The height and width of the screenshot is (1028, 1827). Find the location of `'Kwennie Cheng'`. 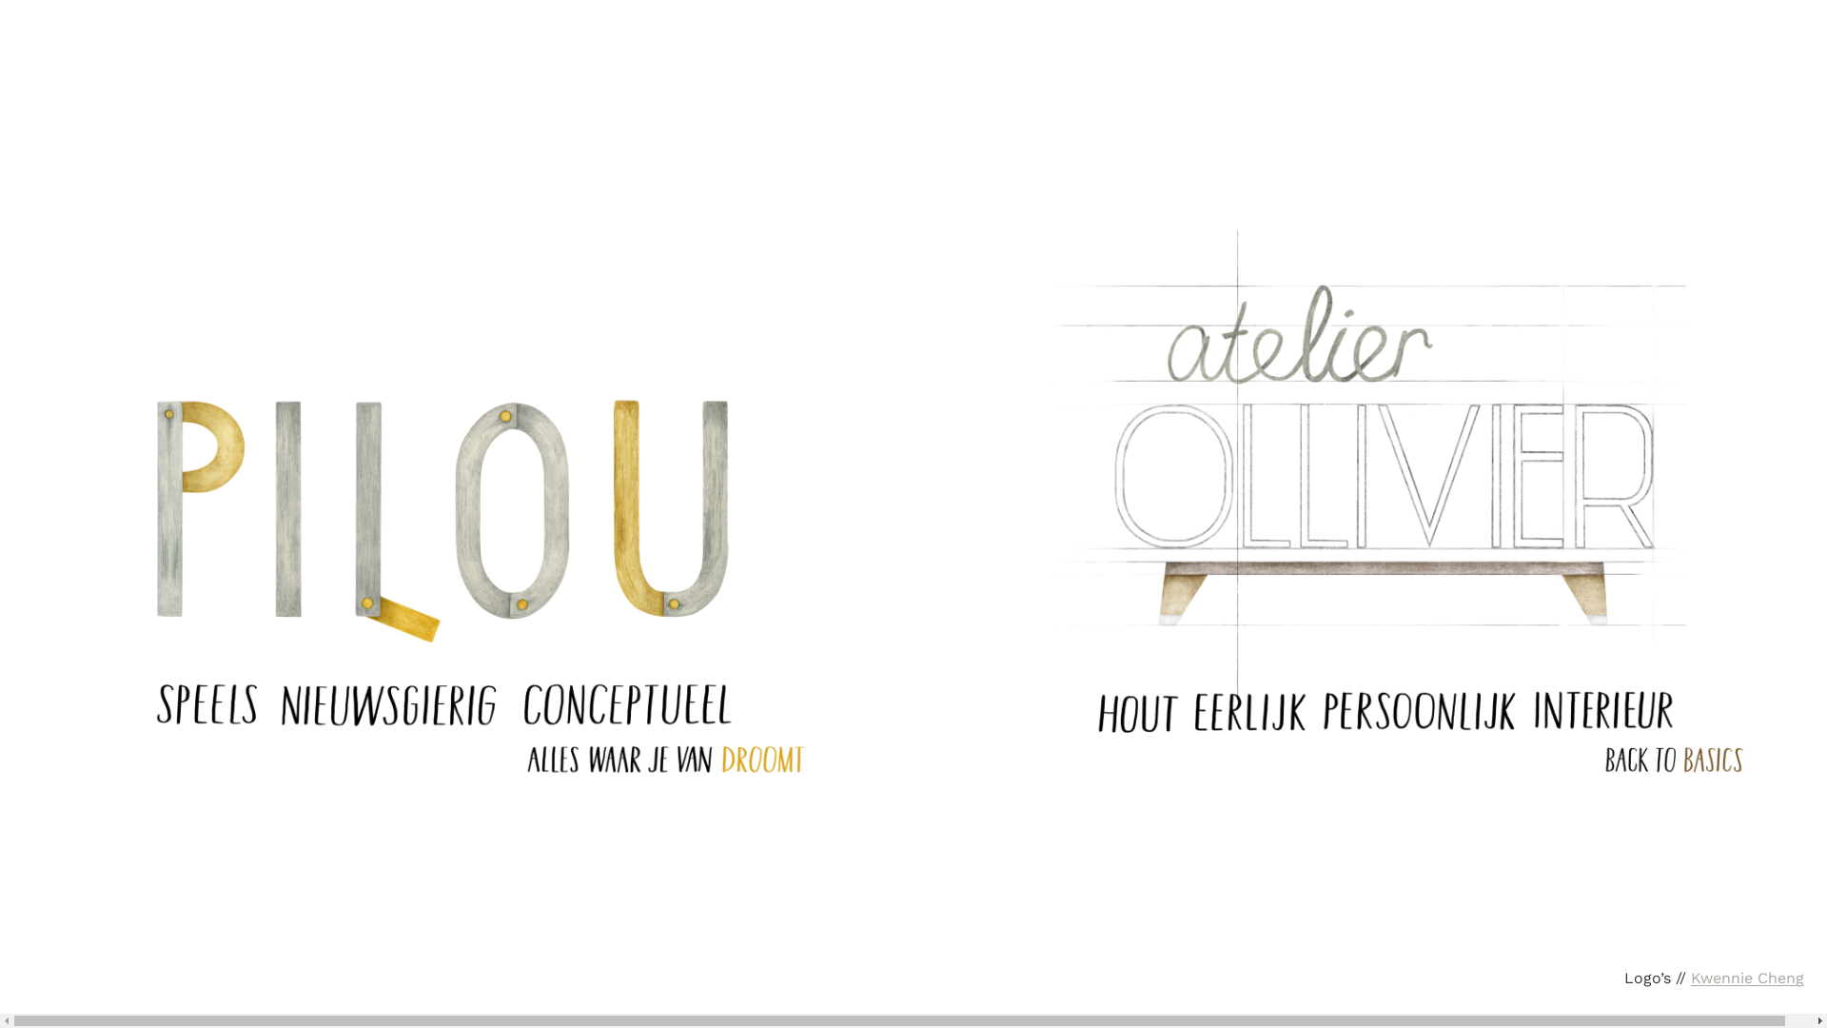

'Kwennie Cheng' is located at coordinates (1747, 978).